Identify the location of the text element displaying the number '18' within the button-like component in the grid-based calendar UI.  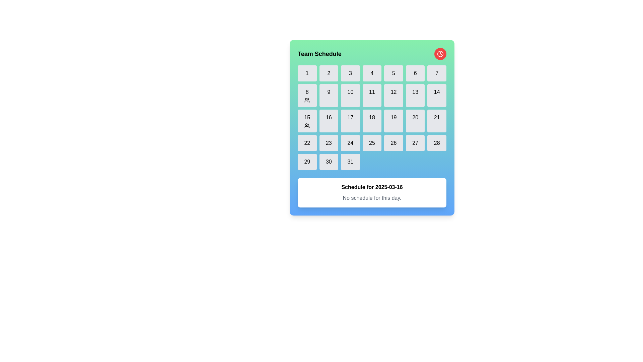
(371, 117).